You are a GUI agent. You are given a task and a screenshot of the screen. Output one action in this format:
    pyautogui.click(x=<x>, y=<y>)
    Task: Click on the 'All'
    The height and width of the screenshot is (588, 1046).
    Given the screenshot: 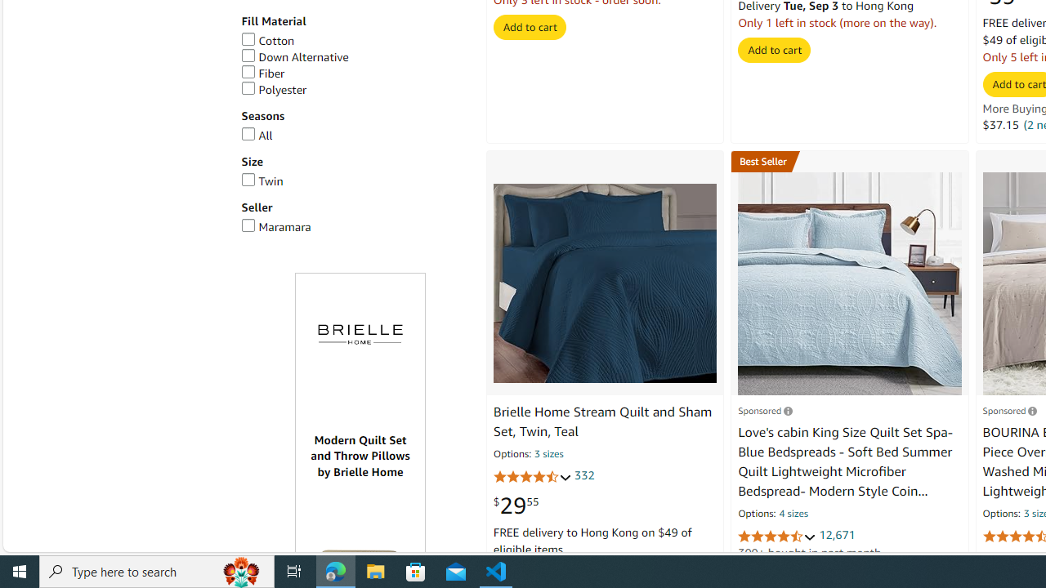 What is the action you would take?
    pyautogui.click(x=256, y=134)
    